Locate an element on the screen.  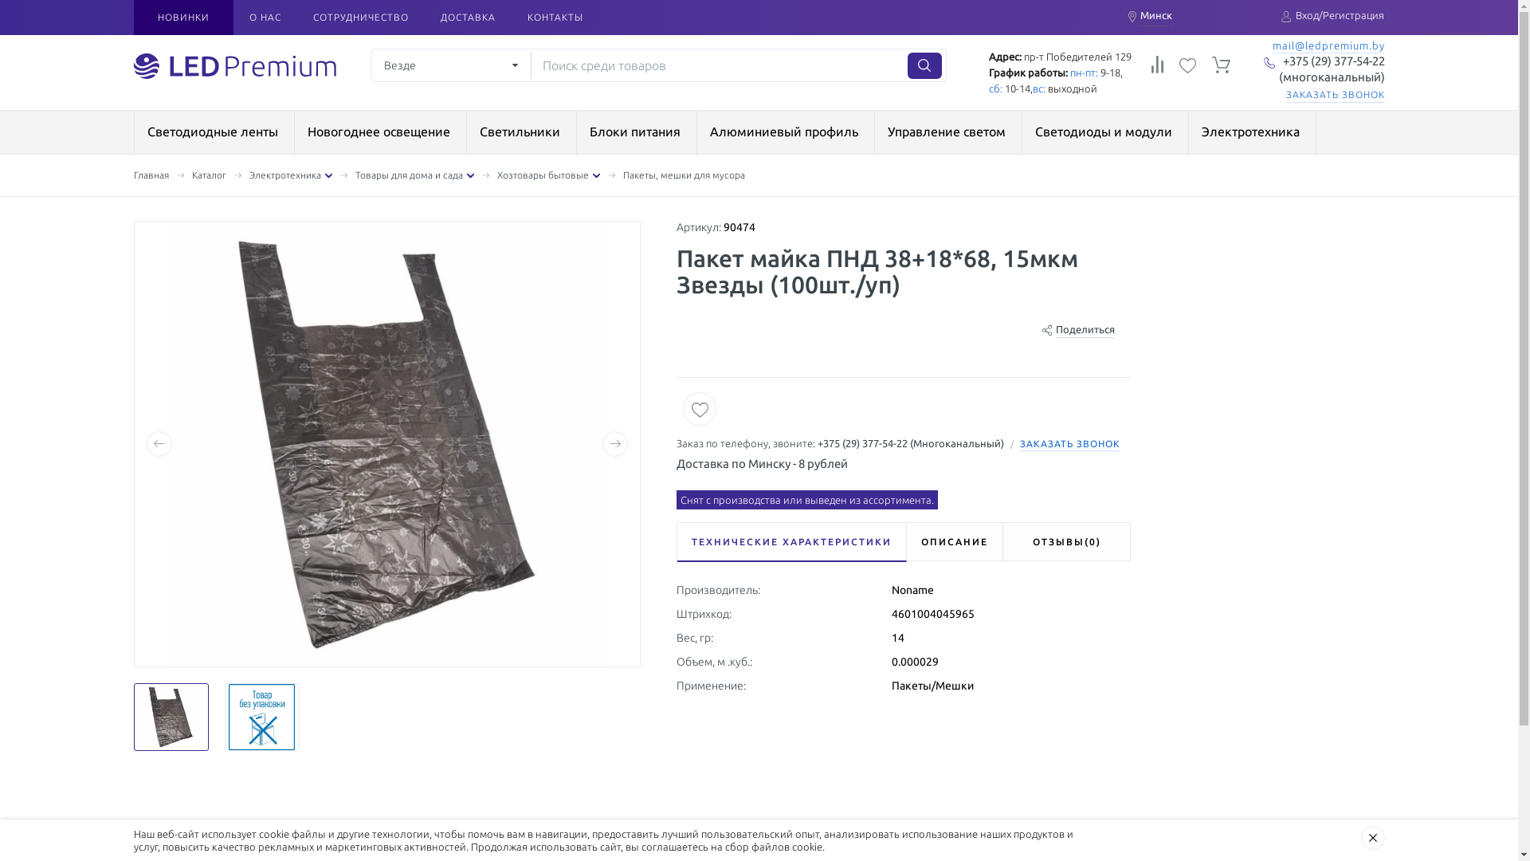
'mail@ledpremium.by' is located at coordinates (1328, 45).